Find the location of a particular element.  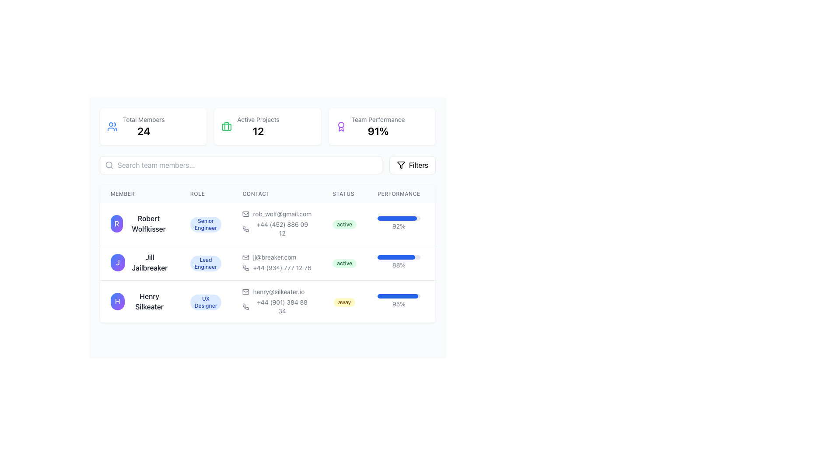

the Text label displaying the email address in the second row of the 'Contact' column, located to the right of the email icon is located at coordinates (276, 257).